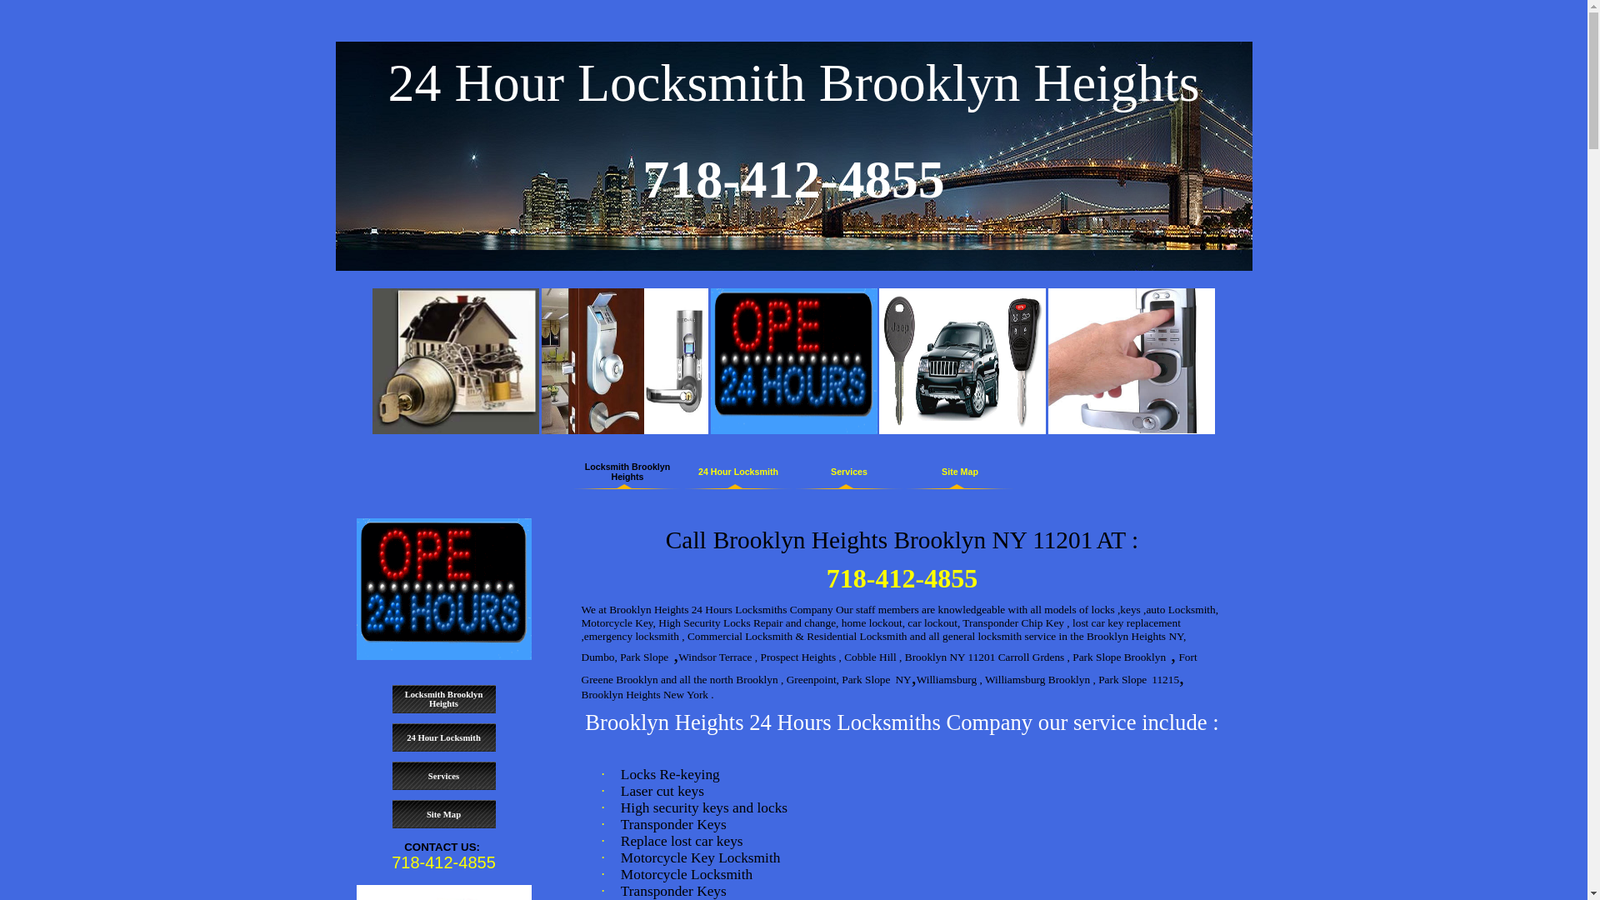  What do you see at coordinates (443, 587) in the screenshot?
I see `'Brooklyn Heights 24 hours Locksmith service '` at bounding box center [443, 587].